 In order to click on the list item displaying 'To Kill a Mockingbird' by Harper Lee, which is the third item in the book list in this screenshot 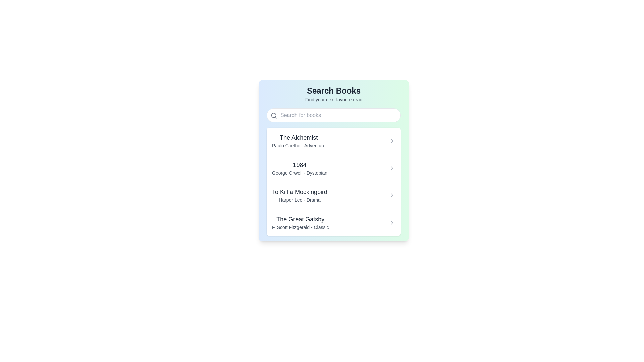, I will do `click(333, 195)`.